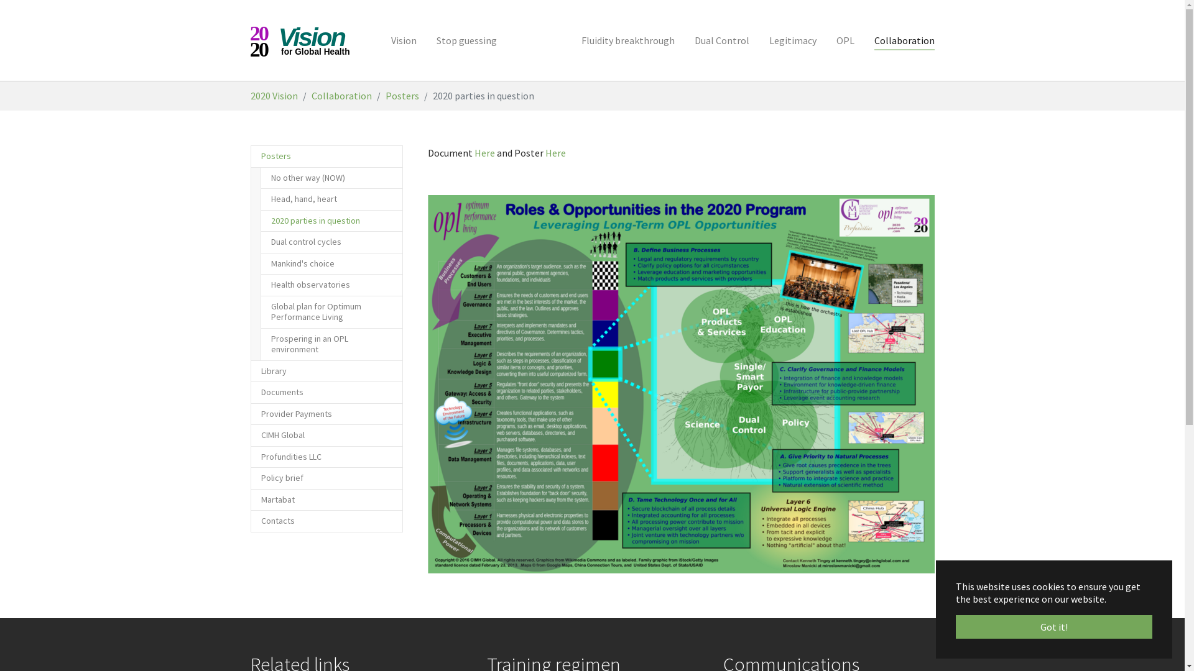 Image resolution: width=1194 pixels, height=671 pixels. What do you see at coordinates (331, 242) in the screenshot?
I see `'Dual control cycles'` at bounding box center [331, 242].